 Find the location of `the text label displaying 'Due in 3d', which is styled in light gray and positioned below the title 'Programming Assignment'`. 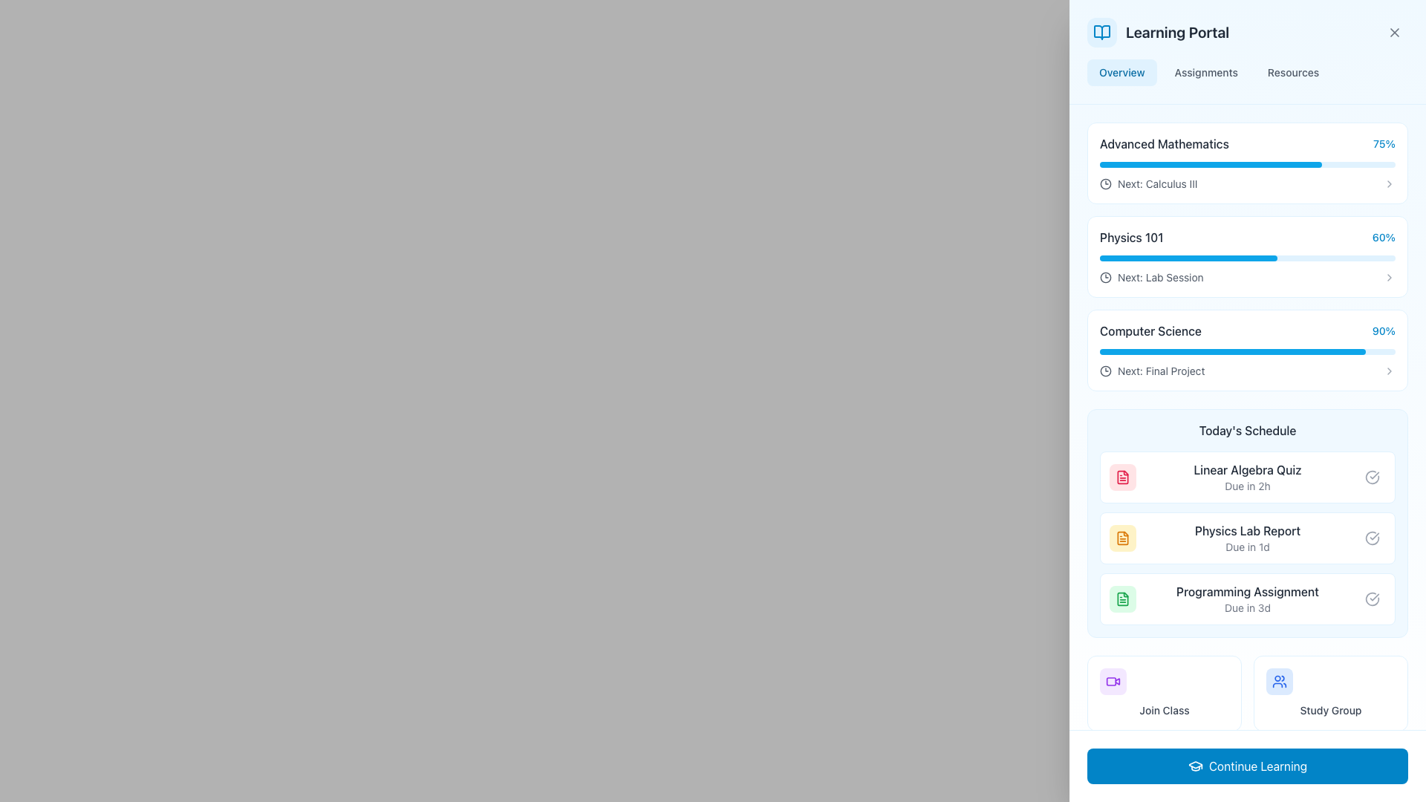

the text label displaying 'Due in 3d', which is styled in light gray and positioned below the title 'Programming Assignment' is located at coordinates (1248, 607).